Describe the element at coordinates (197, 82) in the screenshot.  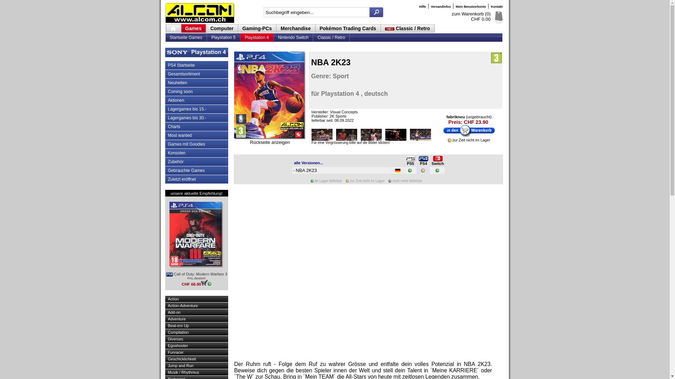
I see `'Neuheiten'` at that location.